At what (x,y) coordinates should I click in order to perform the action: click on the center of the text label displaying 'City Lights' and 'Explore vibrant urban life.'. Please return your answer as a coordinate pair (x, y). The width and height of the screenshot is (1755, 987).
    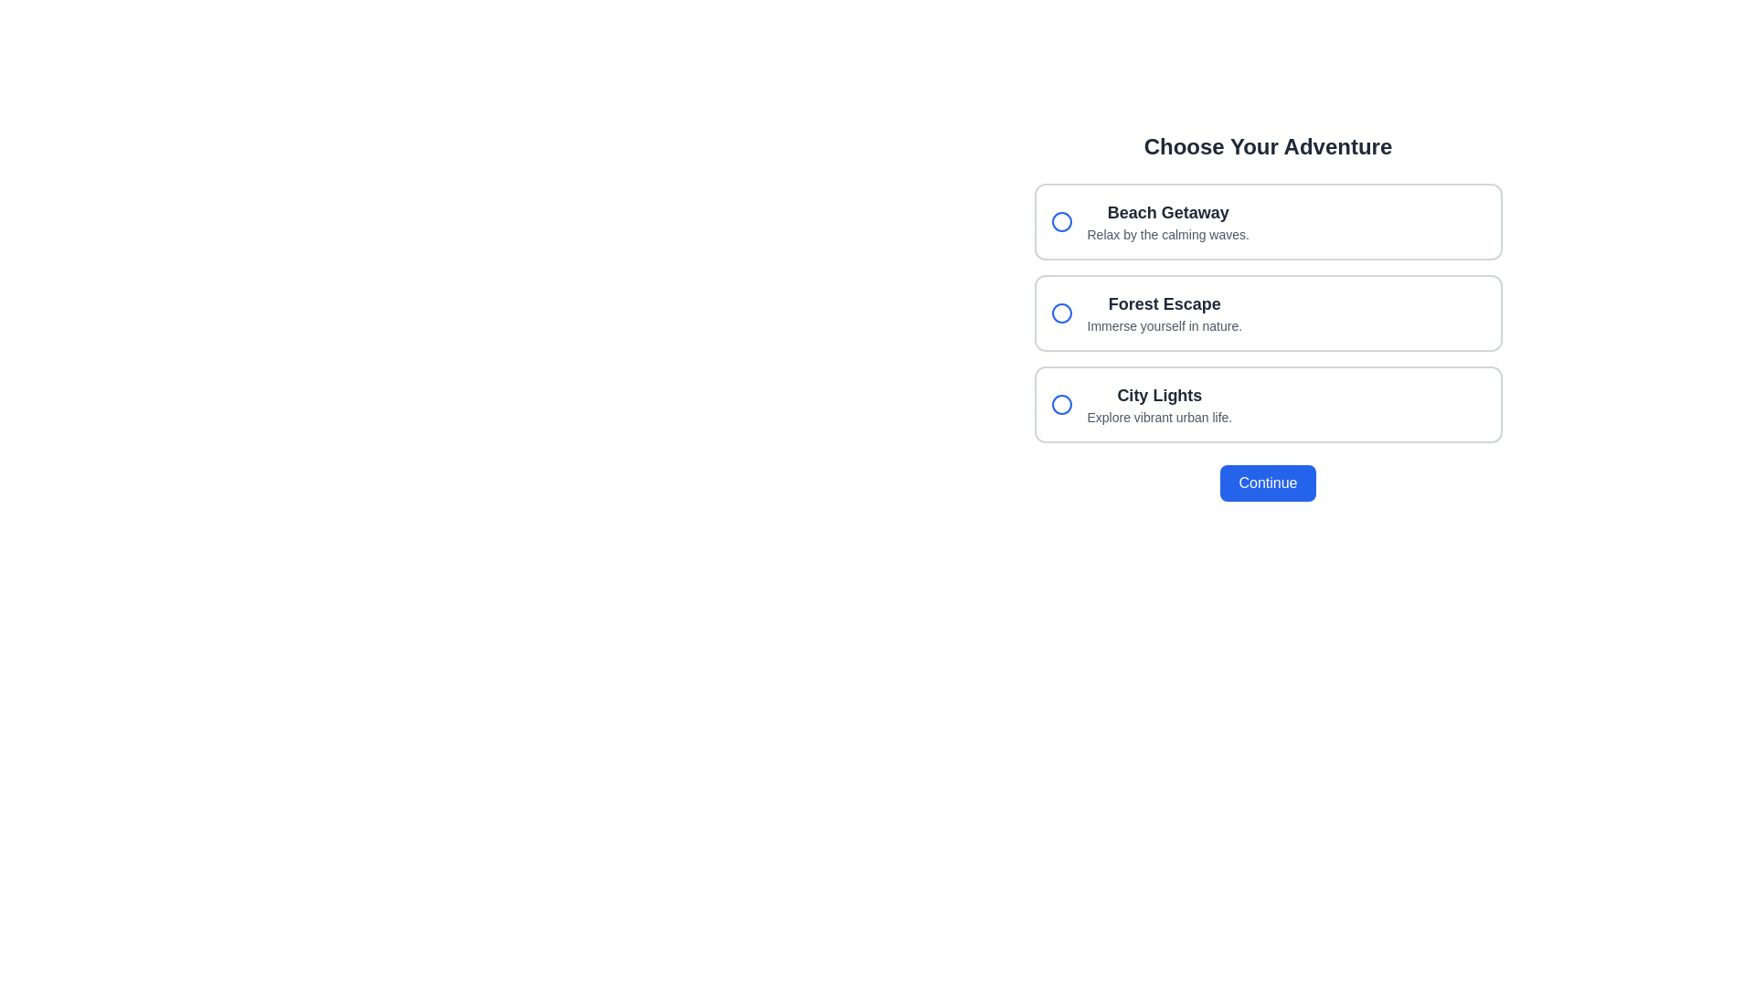
    Looking at the image, I should click on (1157, 404).